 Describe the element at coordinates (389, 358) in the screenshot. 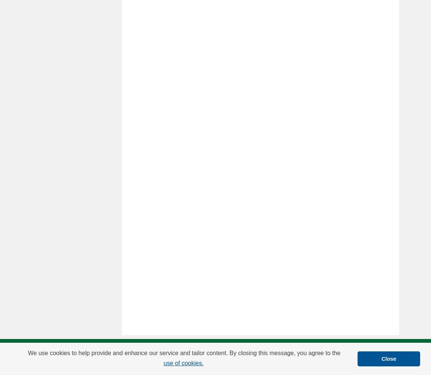

I see `'Close'` at that location.